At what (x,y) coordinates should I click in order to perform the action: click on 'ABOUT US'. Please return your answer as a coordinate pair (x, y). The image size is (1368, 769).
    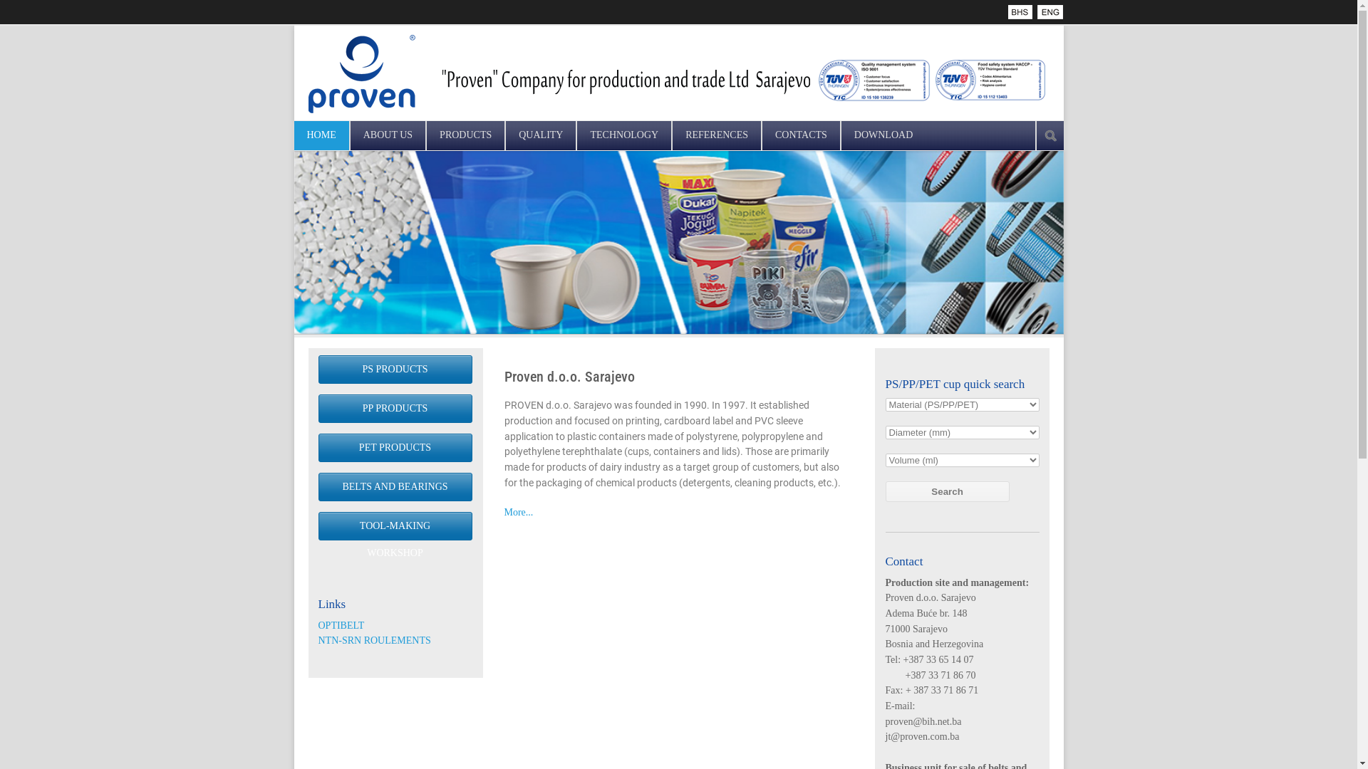
    Looking at the image, I should click on (388, 135).